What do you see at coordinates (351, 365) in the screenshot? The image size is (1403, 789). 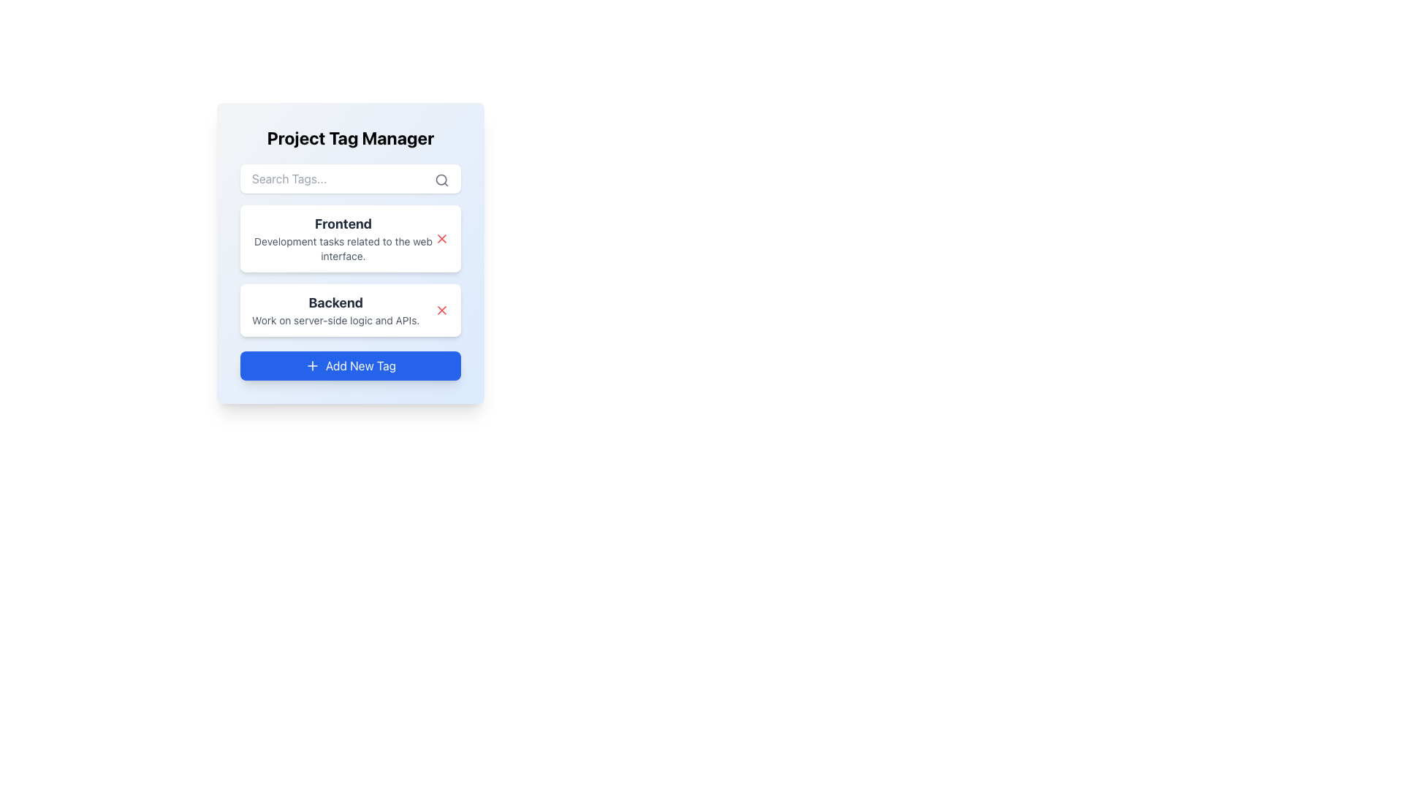 I see `the 'Add New Tag' button with rounded corners, blue background, and white text` at bounding box center [351, 365].